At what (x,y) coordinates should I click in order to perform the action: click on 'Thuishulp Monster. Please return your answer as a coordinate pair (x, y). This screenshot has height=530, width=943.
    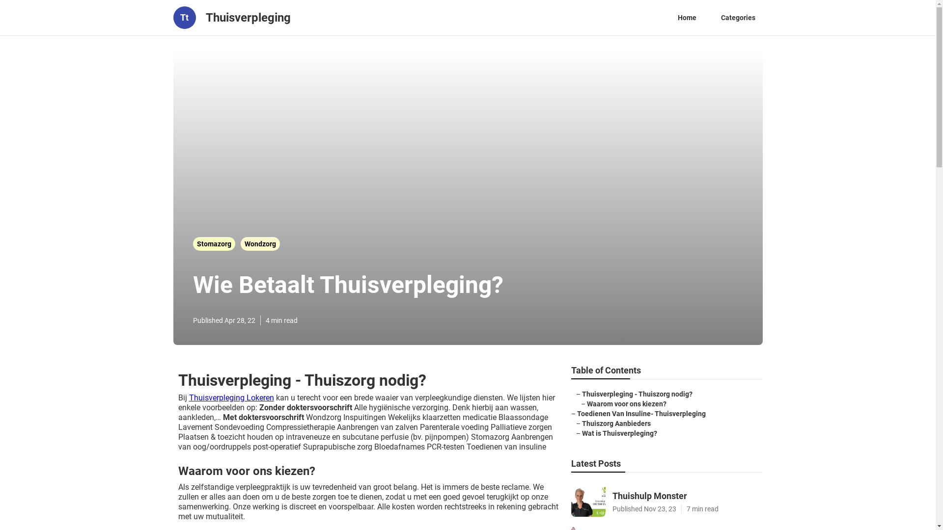
    Looking at the image, I should click on (666, 500).